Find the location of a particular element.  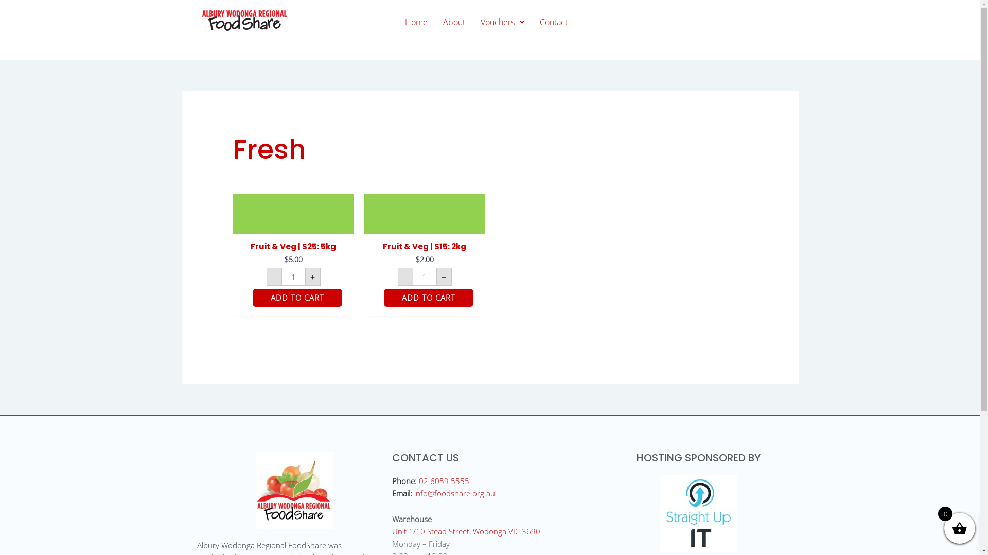

'-' is located at coordinates (274, 276).